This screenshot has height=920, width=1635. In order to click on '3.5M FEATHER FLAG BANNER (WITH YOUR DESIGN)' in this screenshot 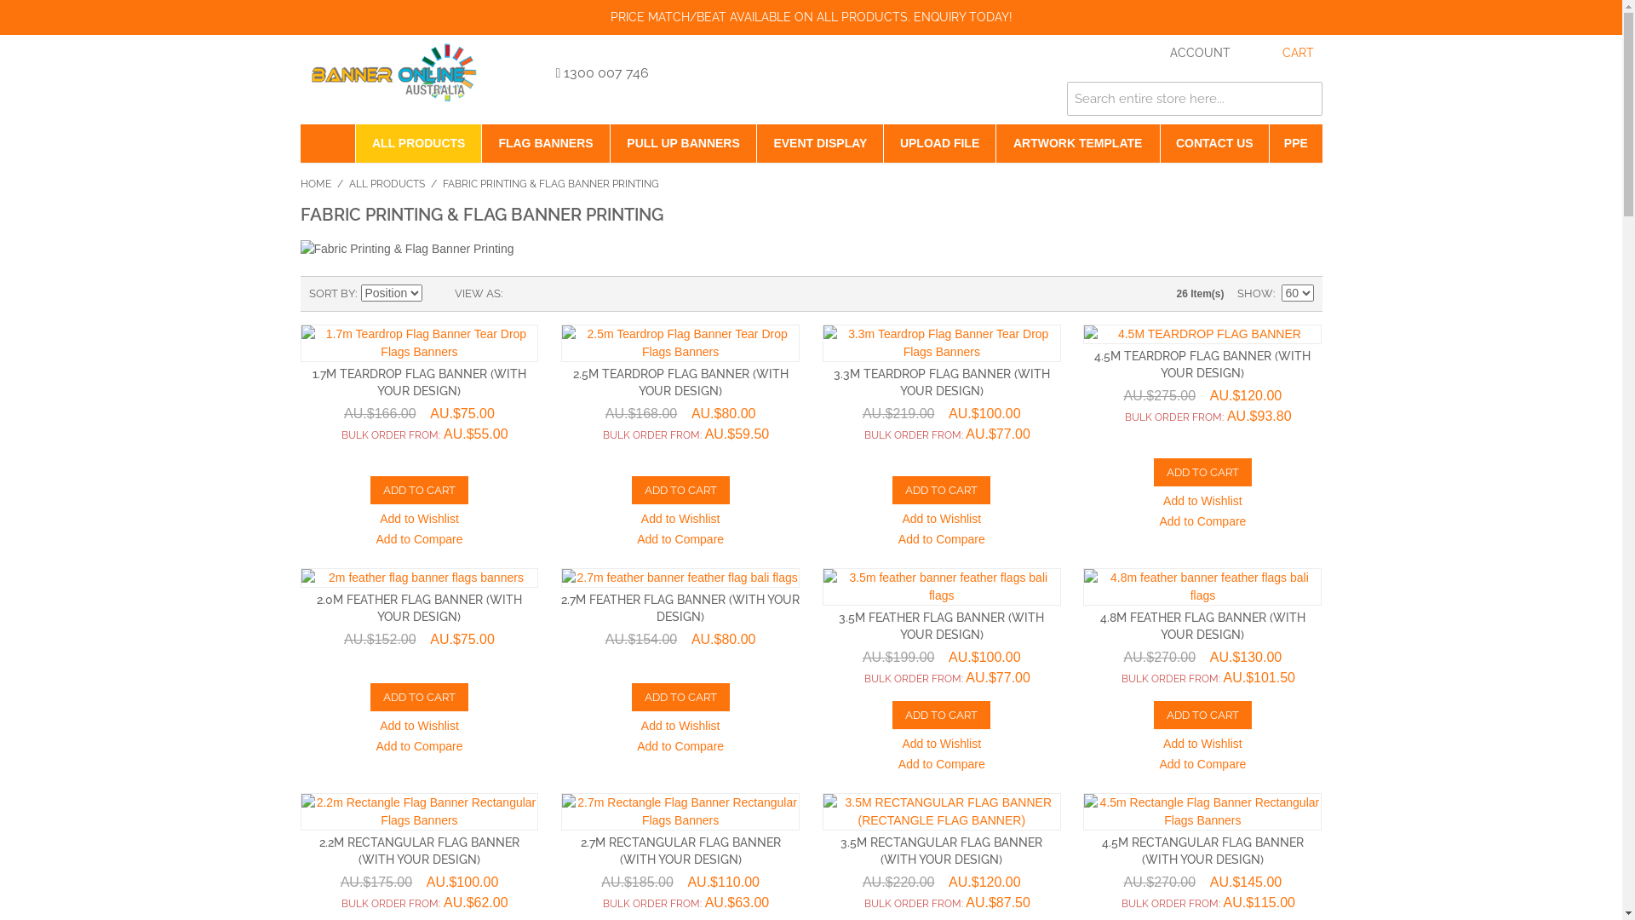, I will do `click(838, 626)`.